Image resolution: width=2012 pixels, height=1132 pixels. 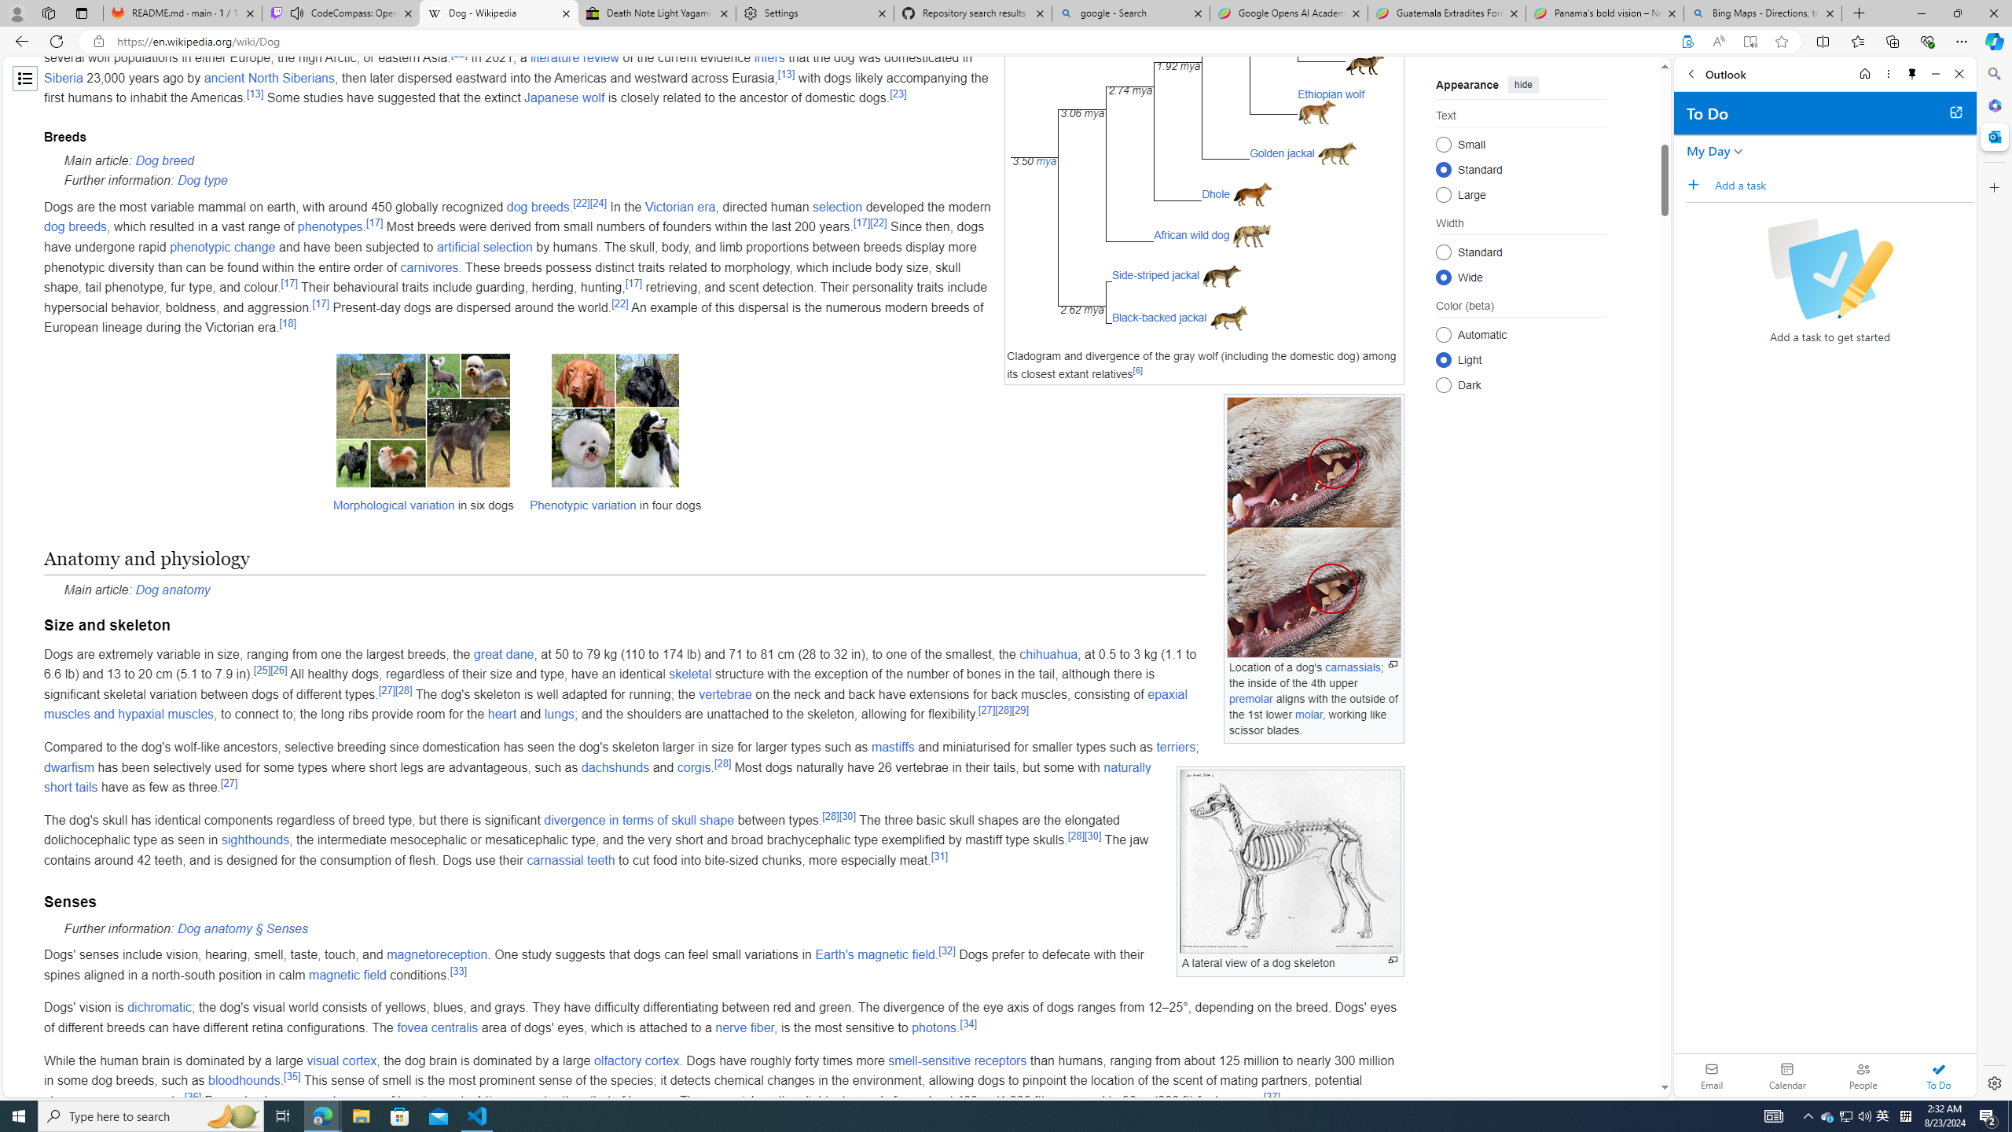 What do you see at coordinates (1308, 713) in the screenshot?
I see `'molar'` at bounding box center [1308, 713].